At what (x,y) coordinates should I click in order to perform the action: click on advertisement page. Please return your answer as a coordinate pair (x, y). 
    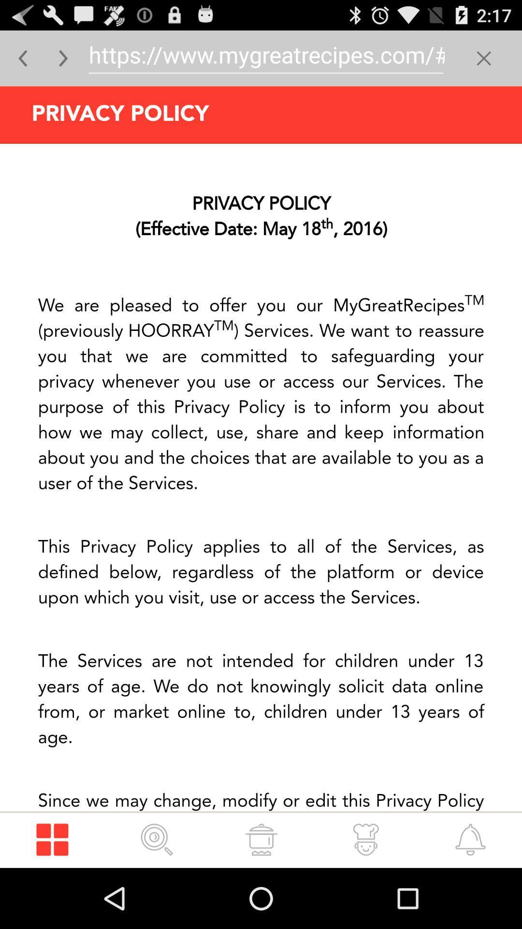
    Looking at the image, I should click on (261, 477).